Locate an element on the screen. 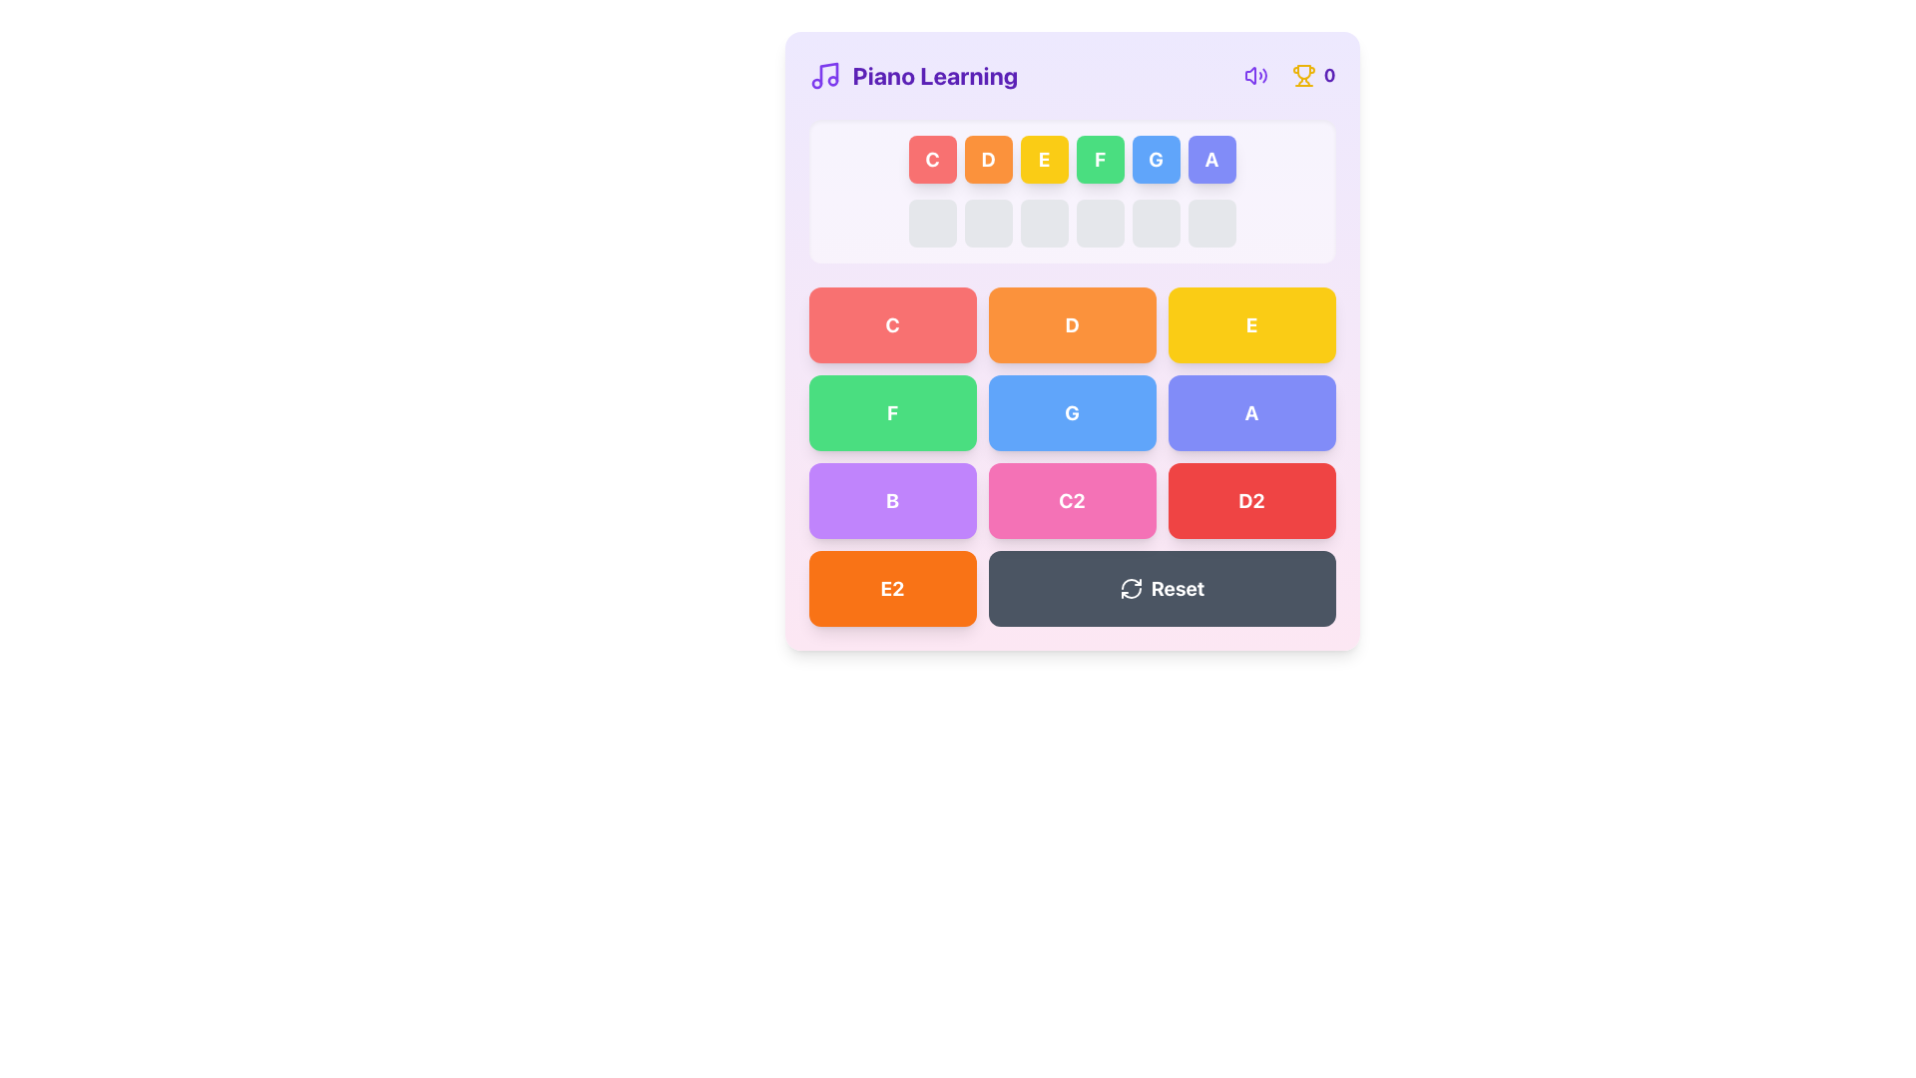 Image resolution: width=1916 pixels, height=1078 pixels. the bright yellow button with a bold white 'E' centered within it, located in the top-most row of a grid, positioned between buttons 'D' and 'F' is located at coordinates (1250, 324).